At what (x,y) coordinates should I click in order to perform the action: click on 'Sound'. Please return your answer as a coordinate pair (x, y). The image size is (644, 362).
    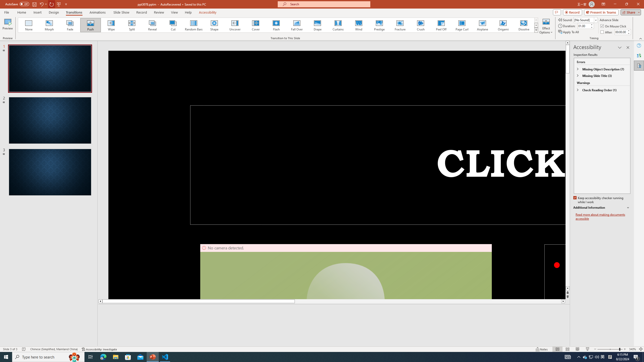
    Looking at the image, I should click on (585, 20).